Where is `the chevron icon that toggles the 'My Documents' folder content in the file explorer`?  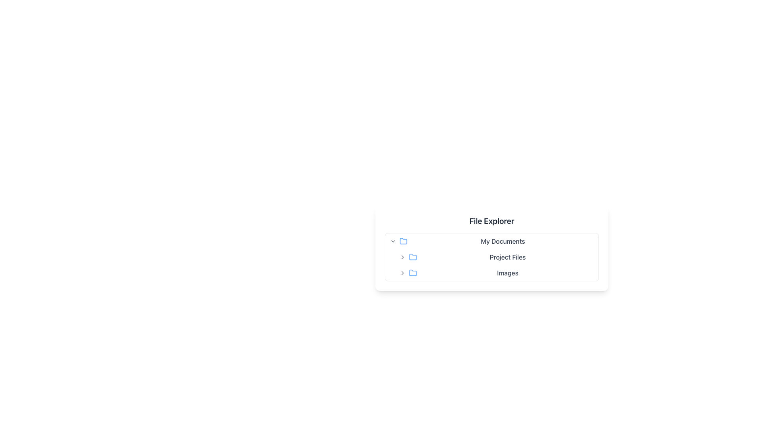
the chevron icon that toggles the 'My Documents' folder content in the file explorer is located at coordinates (393, 241).